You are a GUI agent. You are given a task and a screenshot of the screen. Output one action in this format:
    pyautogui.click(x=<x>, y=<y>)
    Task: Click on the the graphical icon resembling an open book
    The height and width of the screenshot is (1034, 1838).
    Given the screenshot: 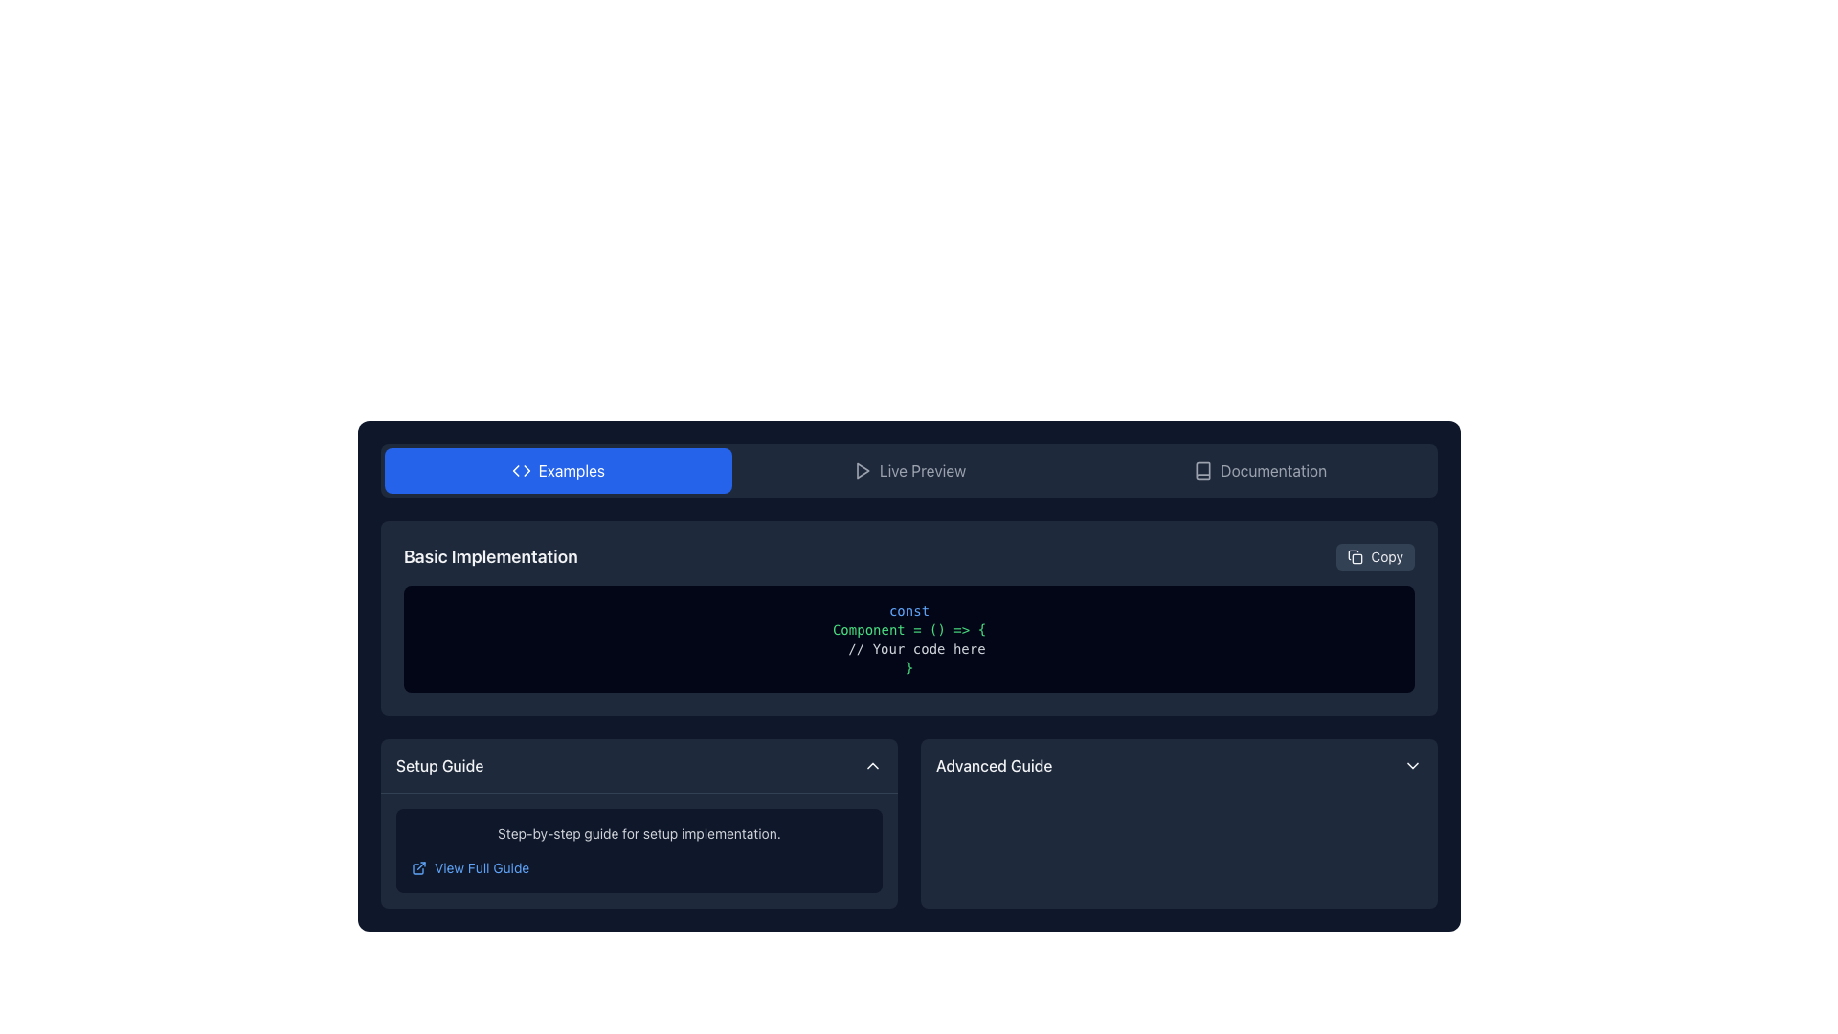 What is the action you would take?
    pyautogui.click(x=1202, y=471)
    